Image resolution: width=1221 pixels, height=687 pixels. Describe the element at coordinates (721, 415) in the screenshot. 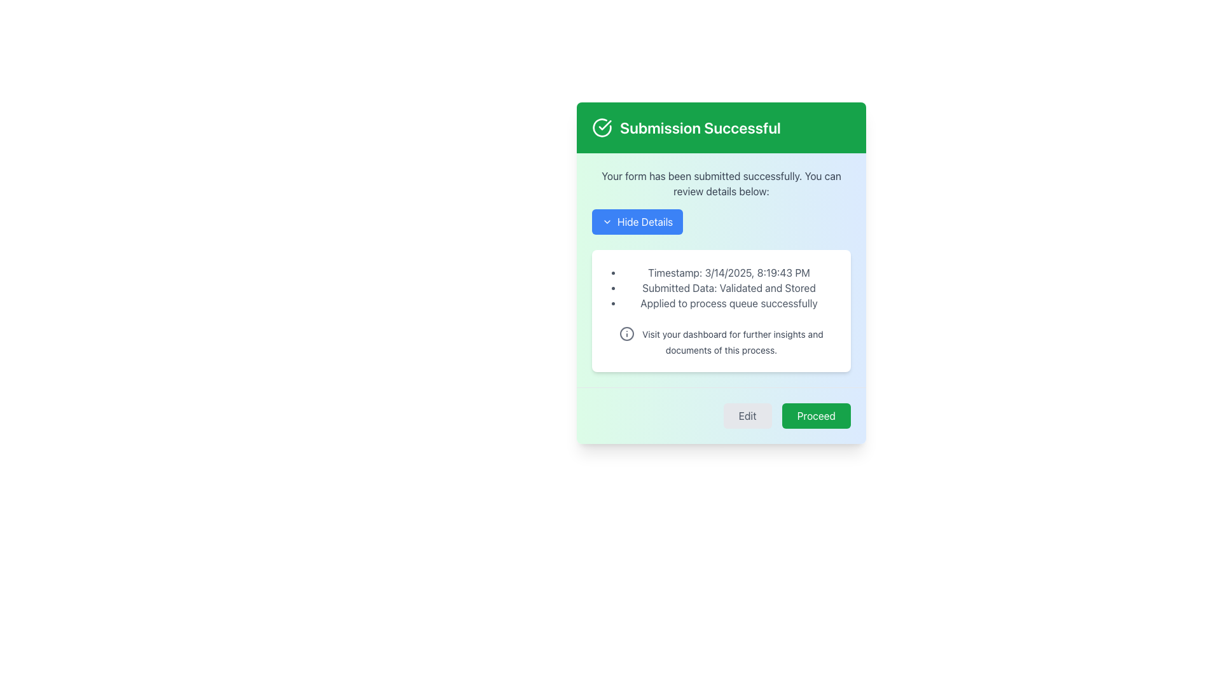

I see `the gray 'Edit' button located in the button group at the bottom of the submission confirmation panel to modify the submission` at that location.